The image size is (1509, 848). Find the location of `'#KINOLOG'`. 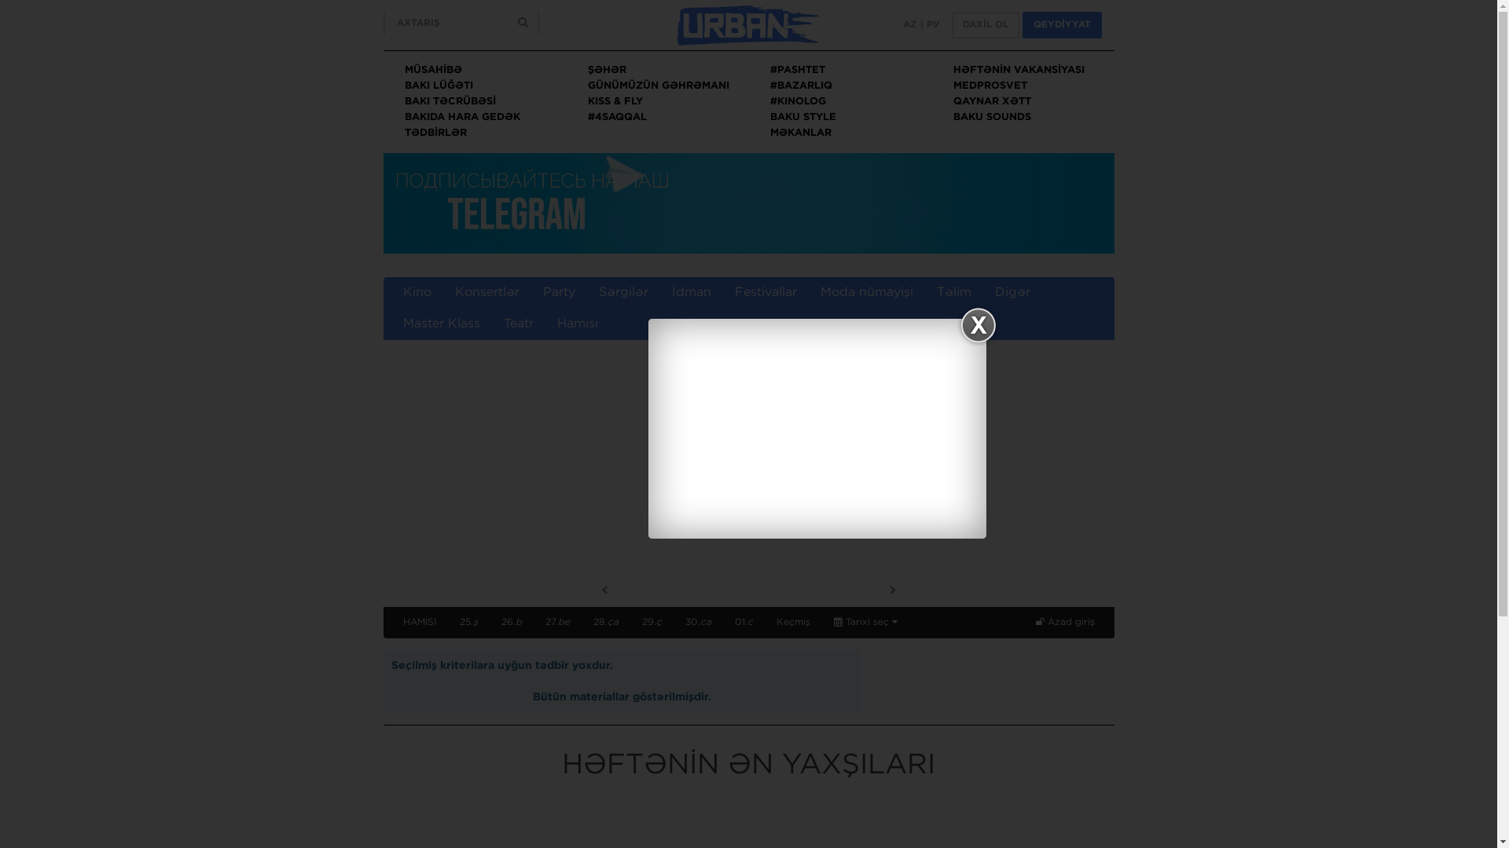

'#KINOLOG' is located at coordinates (798, 101).